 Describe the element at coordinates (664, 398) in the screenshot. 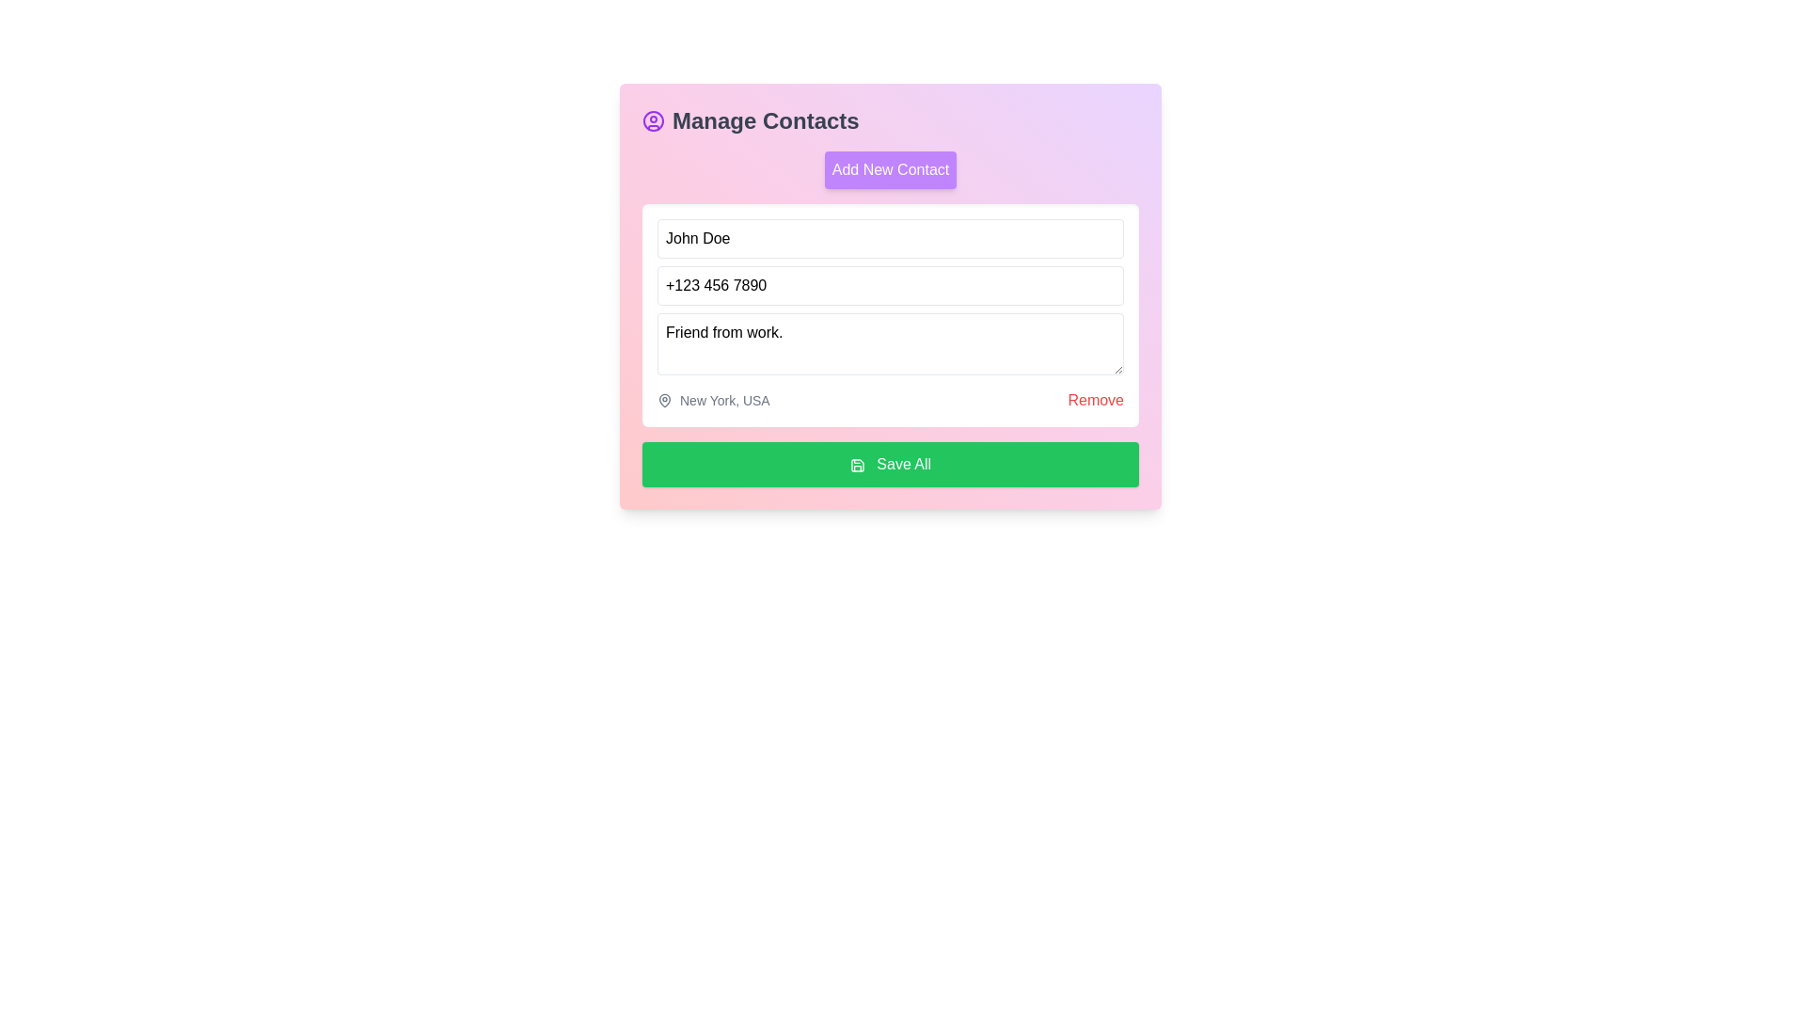

I see `the vector graphic element that visually represents the pin location inside the map pin icon, located near the bottom of the contact information section` at that location.